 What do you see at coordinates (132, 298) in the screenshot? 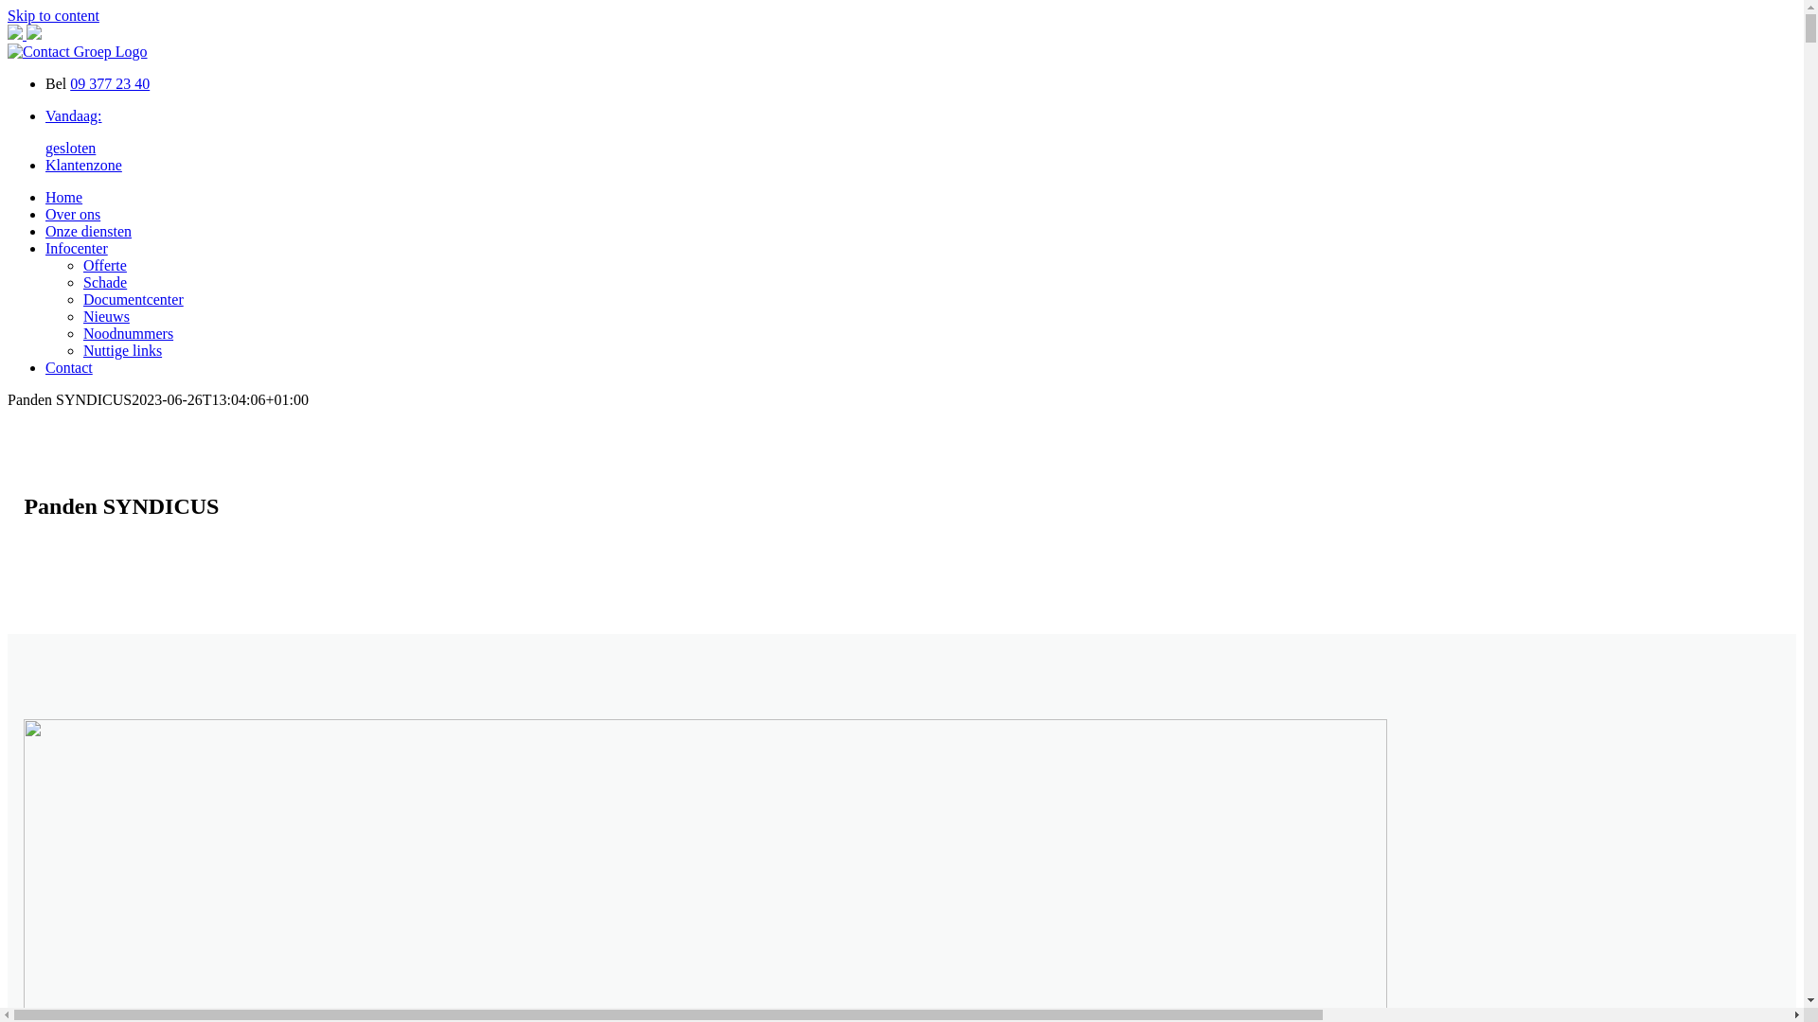
I see `'Documentcenter'` at bounding box center [132, 298].